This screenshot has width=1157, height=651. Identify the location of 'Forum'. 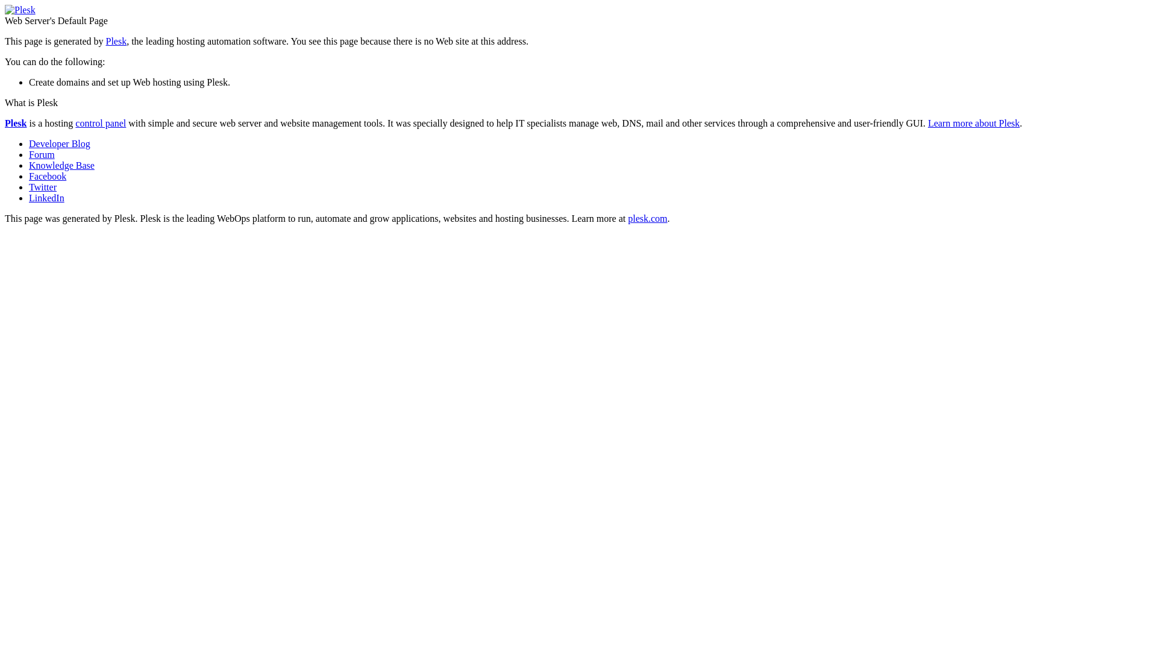
(42, 154).